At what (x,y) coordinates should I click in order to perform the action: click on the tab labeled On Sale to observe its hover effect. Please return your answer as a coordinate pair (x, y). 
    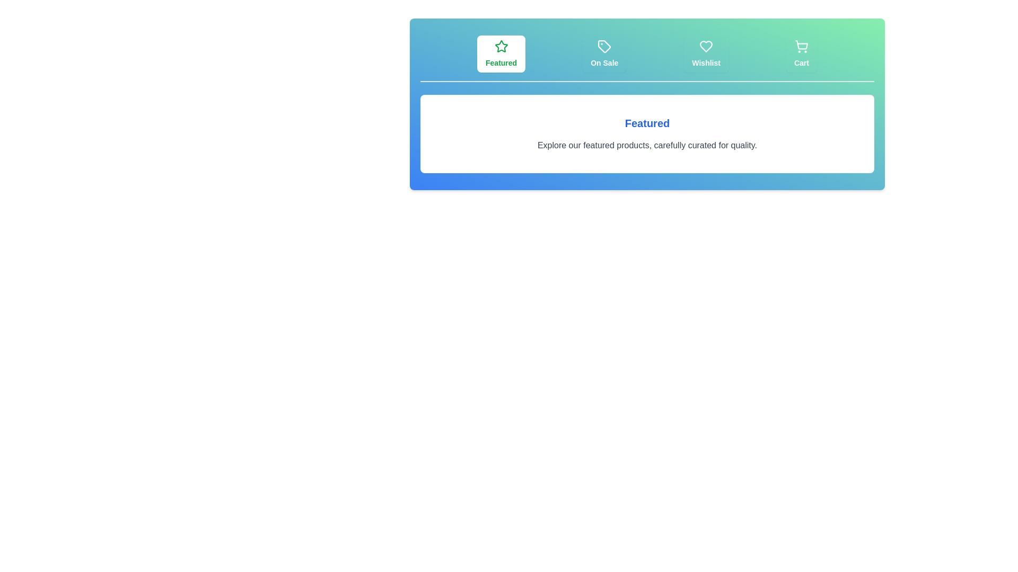
    Looking at the image, I should click on (604, 53).